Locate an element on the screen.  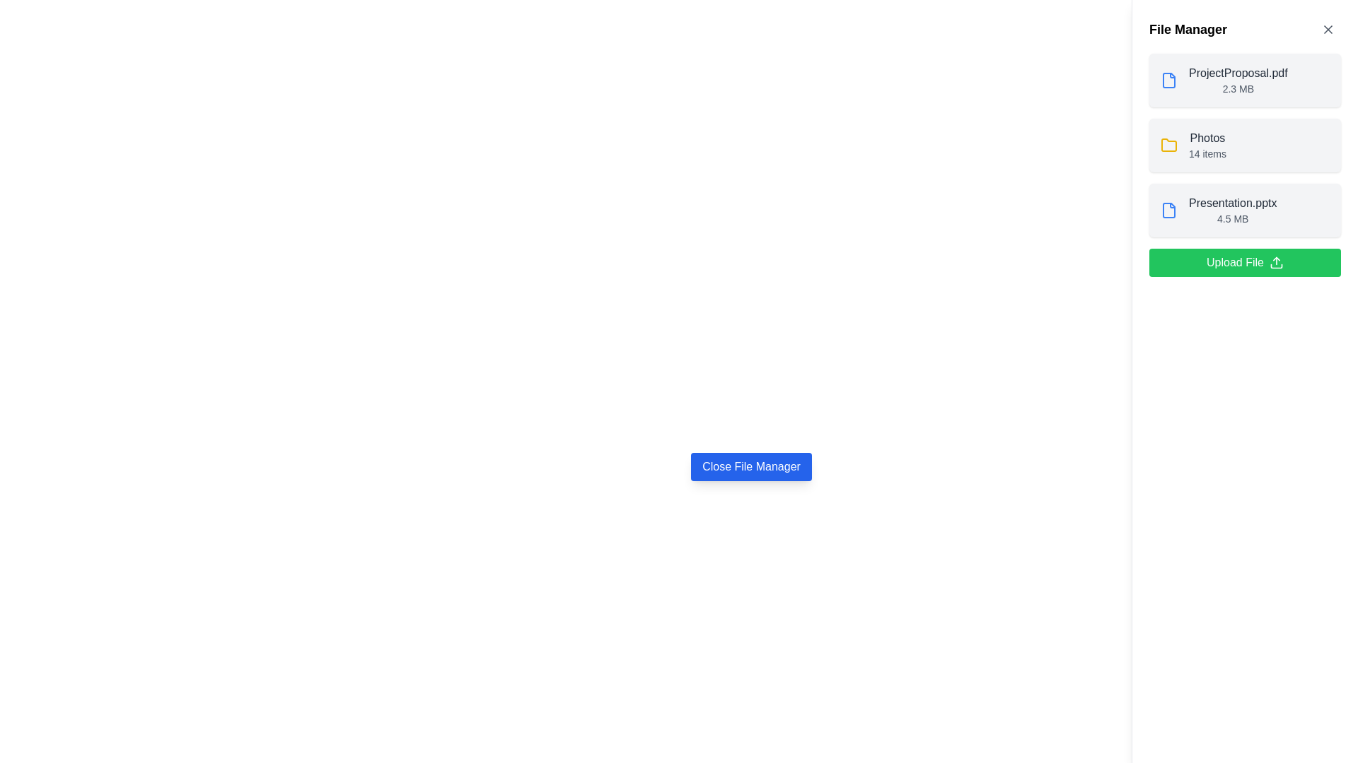
the text label reading '14 items', which is styled in gray and located below the 'Photos' label in the 'File Manager' section is located at coordinates (1207, 154).